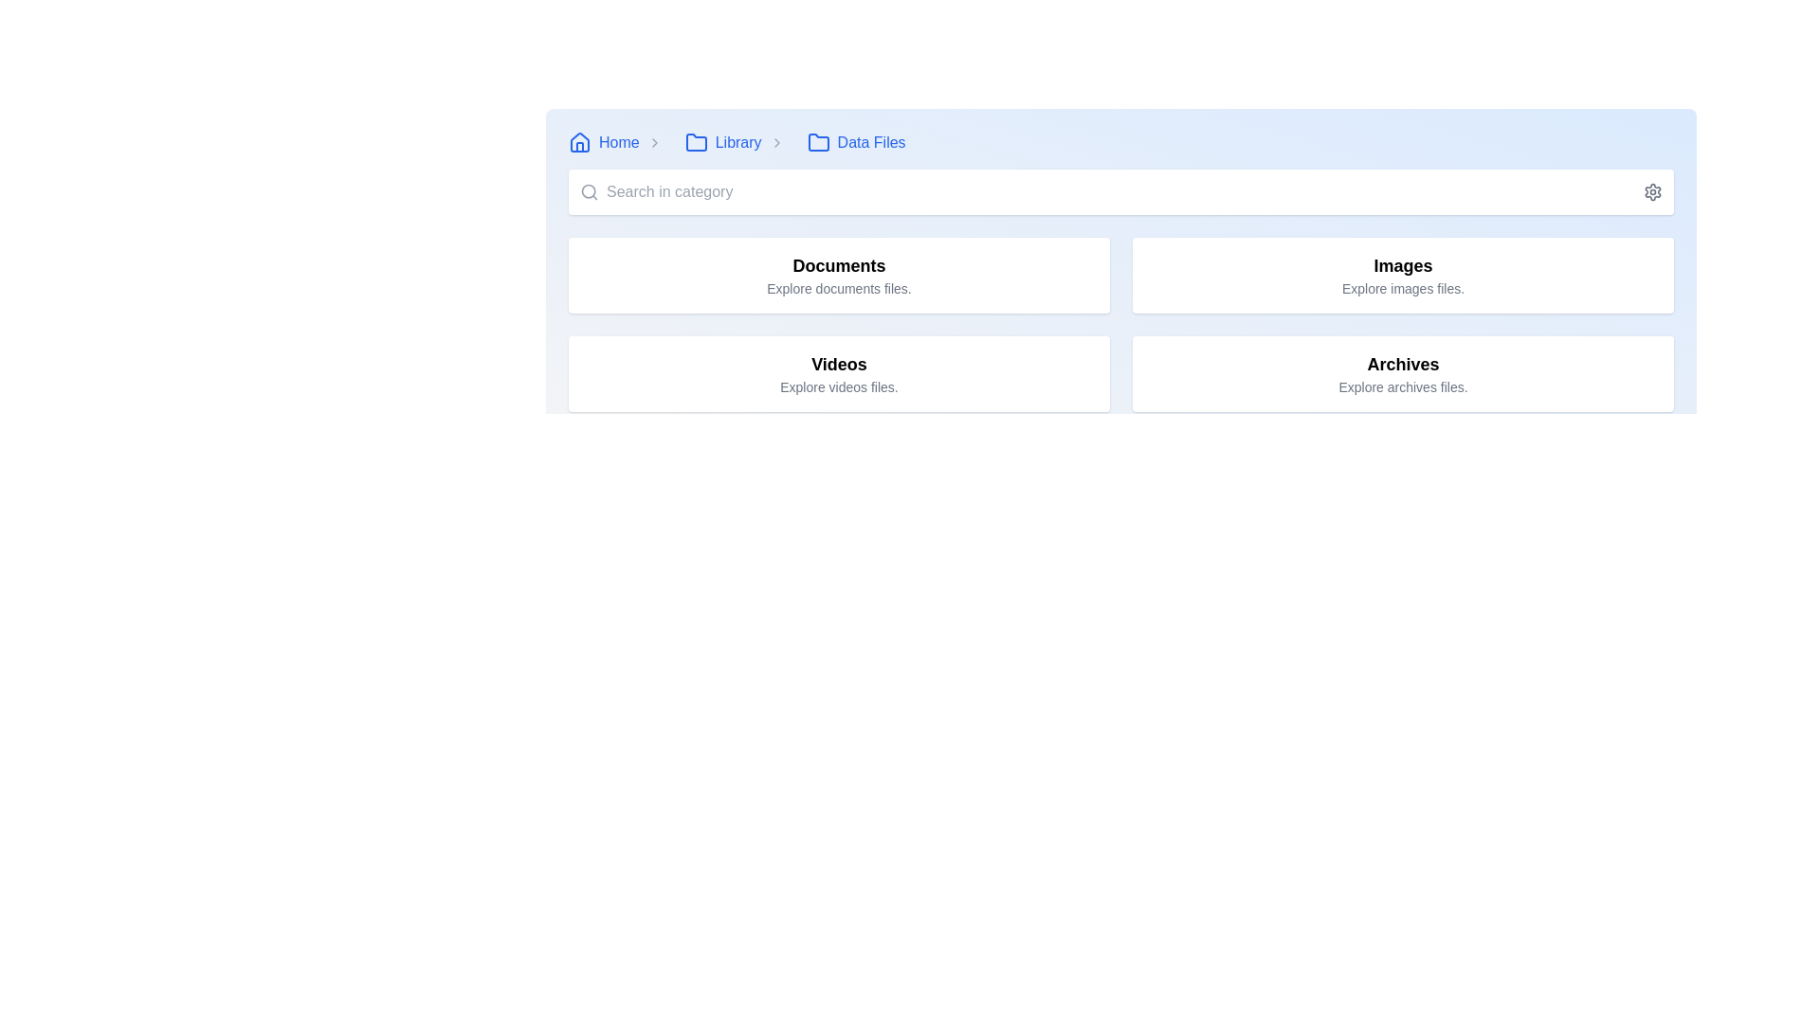  What do you see at coordinates (838, 365) in the screenshot?
I see `title text of the card labeled 'Videos', which is located in the second row, leftmost card of a grid of four cards` at bounding box center [838, 365].